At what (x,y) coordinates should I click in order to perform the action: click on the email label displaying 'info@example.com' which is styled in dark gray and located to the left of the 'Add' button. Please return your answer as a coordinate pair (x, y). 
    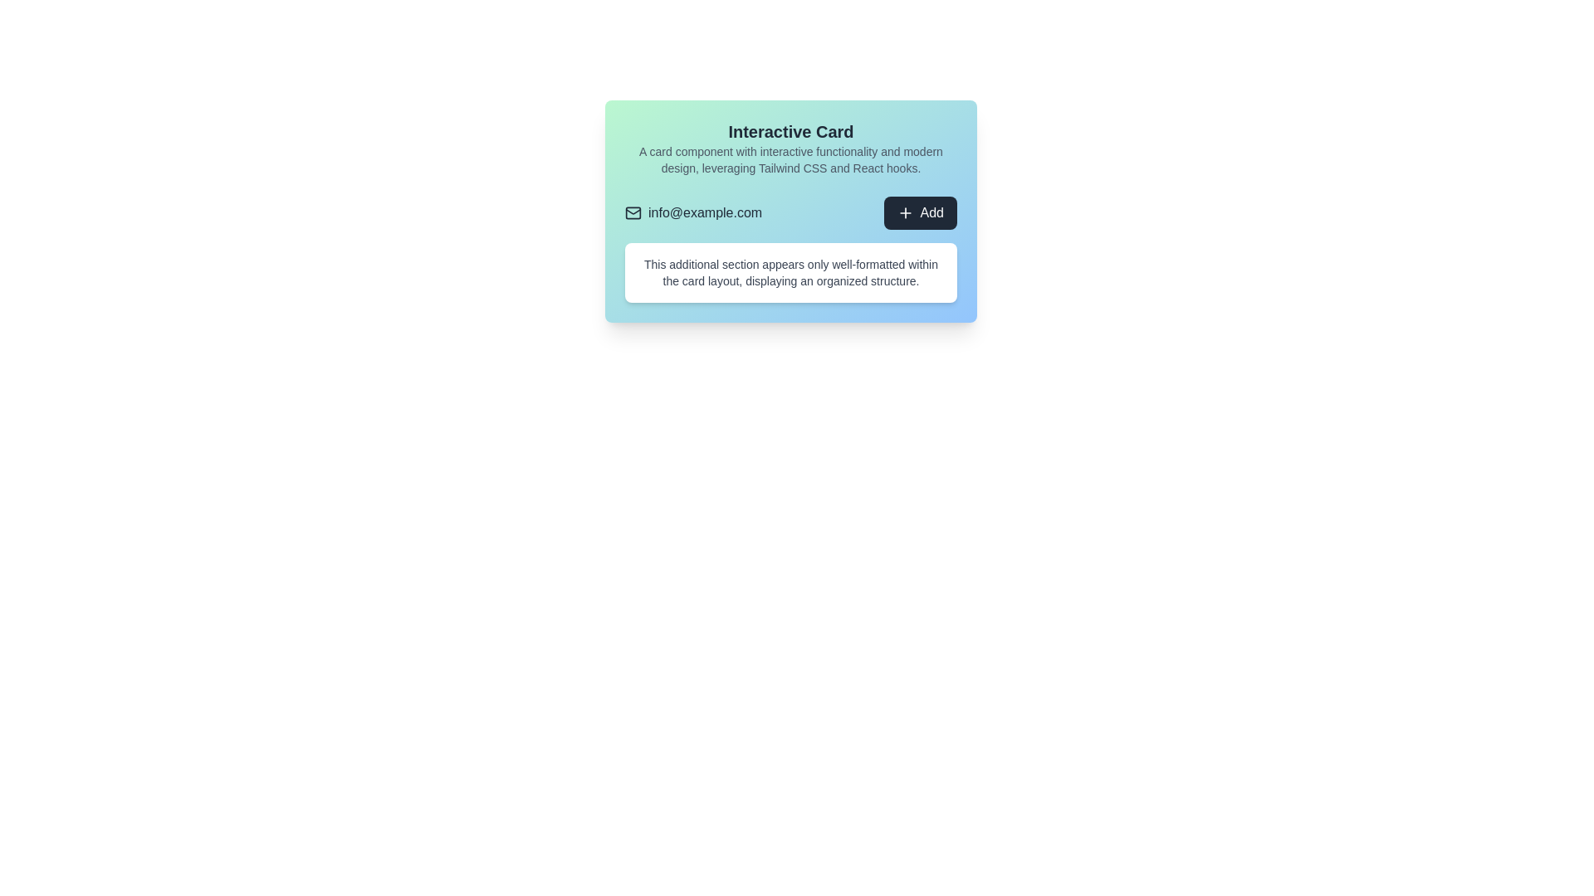
    Looking at the image, I should click on (693, 212).